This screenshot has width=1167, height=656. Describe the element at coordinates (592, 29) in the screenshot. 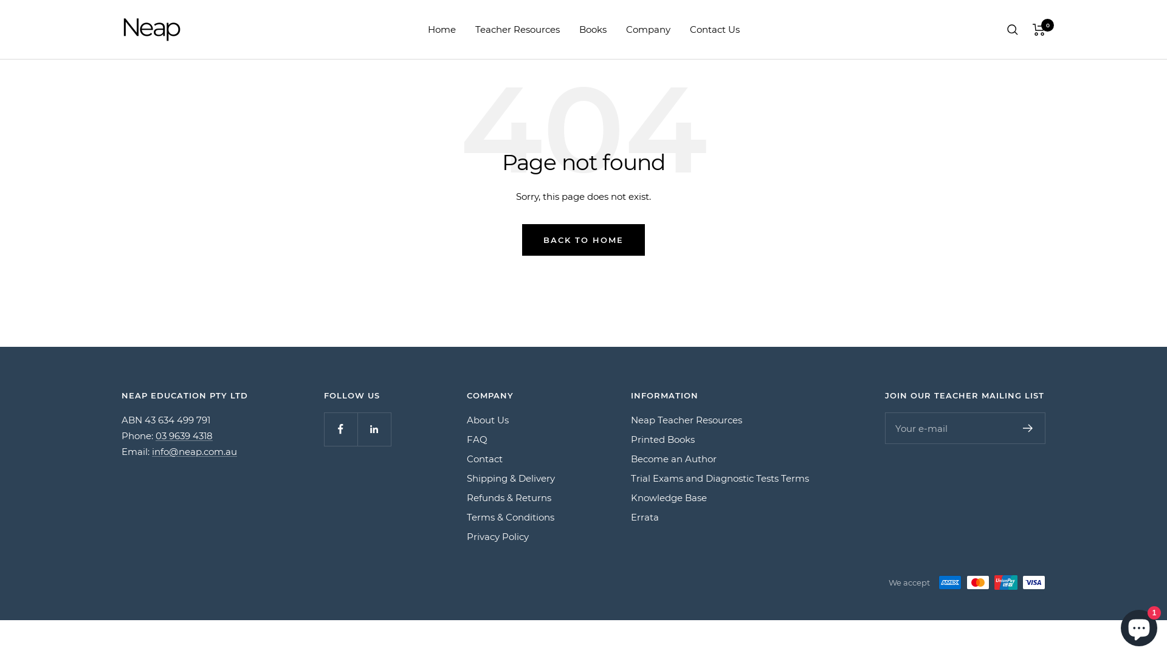

I see `'Books'` at that location.